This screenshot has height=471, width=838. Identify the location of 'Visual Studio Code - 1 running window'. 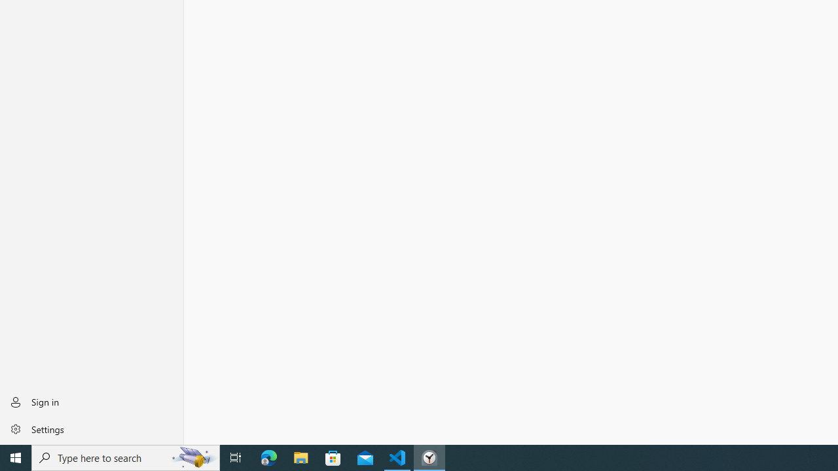
(397, 457).